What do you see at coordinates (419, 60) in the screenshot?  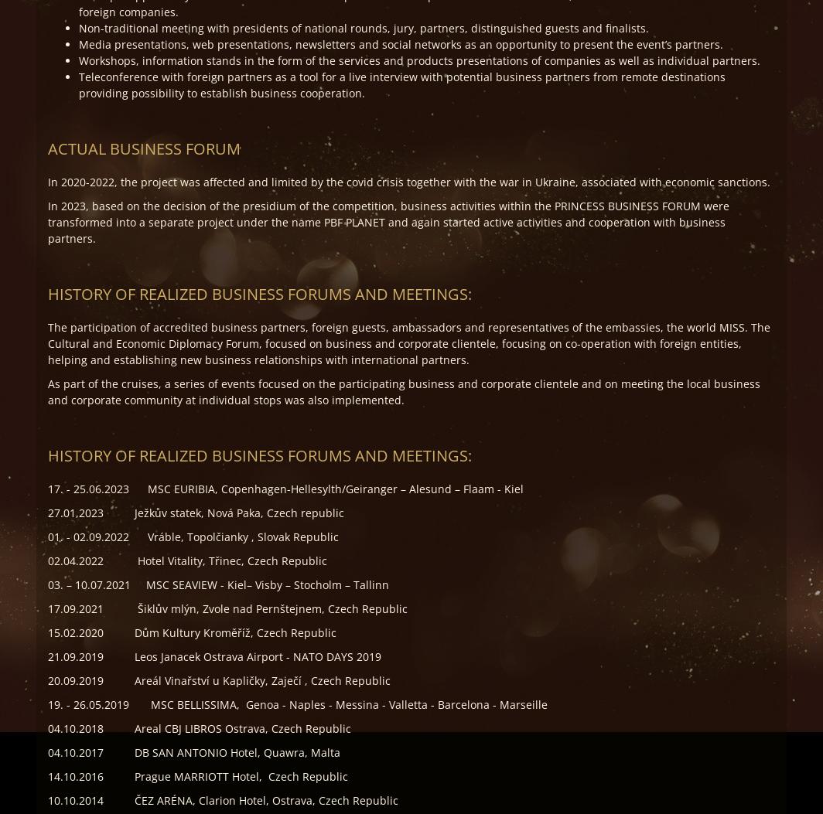 I see `'Workshops, information stands in the form of the services and products presentations of companies as well as individual partners.'` at bounding box center [419, 60].